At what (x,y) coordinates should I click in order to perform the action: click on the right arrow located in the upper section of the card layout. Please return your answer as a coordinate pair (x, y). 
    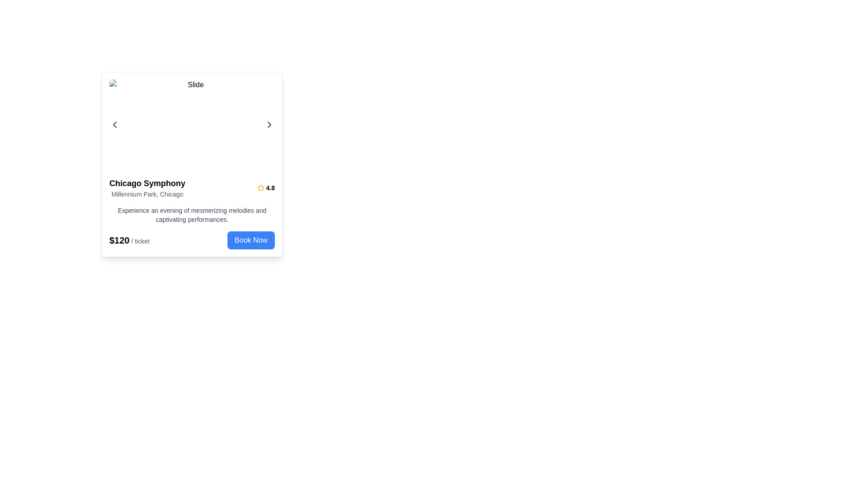
    Looking at the image, I should click on (192, 125).